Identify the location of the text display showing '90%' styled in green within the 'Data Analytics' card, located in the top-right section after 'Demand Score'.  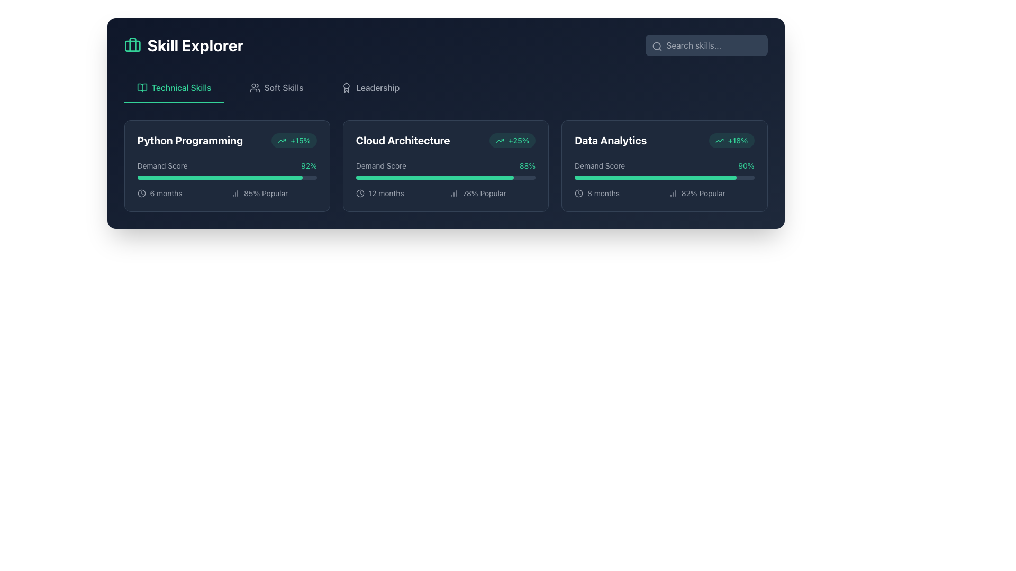
(746, 165).